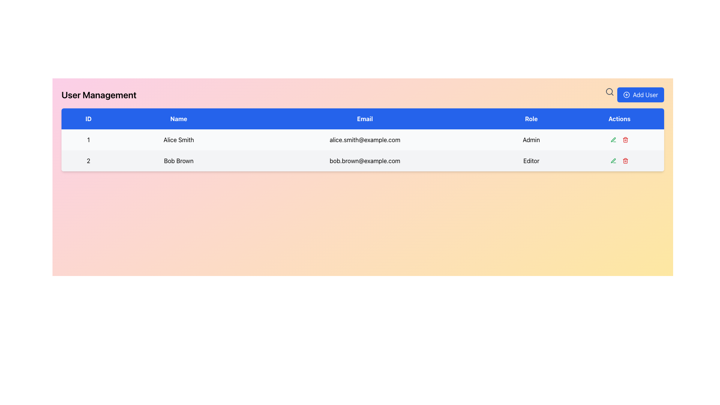  I want to click on the Text label element representing the name of a user in the user management interface, located in the second row under the 'Name' column, positioned between '2' and 'bob.brown@example.com', so click(178, 160).